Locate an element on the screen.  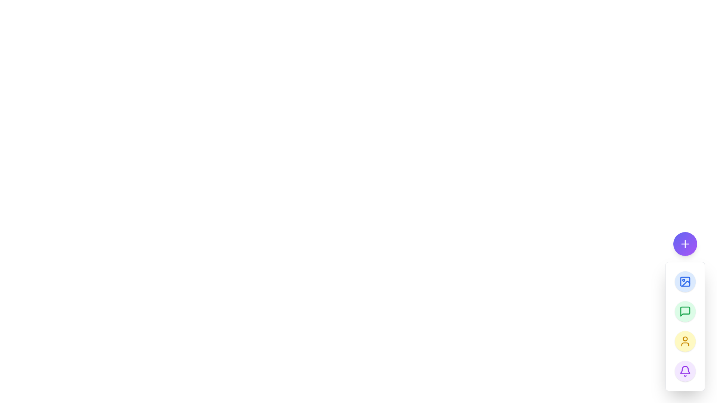
the bell-shaped icon with a purple outline within the circular purple button is located at coordinates (685, 371).